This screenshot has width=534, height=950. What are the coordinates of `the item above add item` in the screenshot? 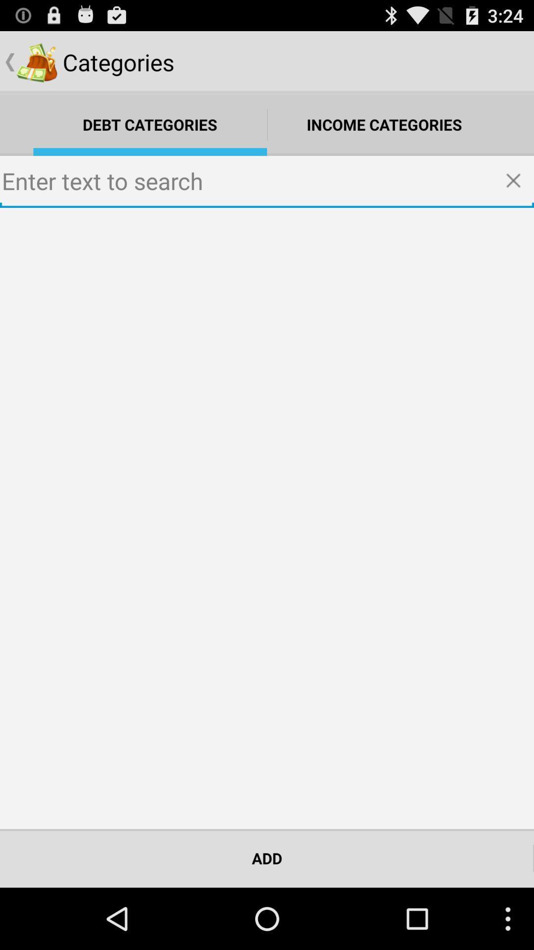 It's located at (267, 518).